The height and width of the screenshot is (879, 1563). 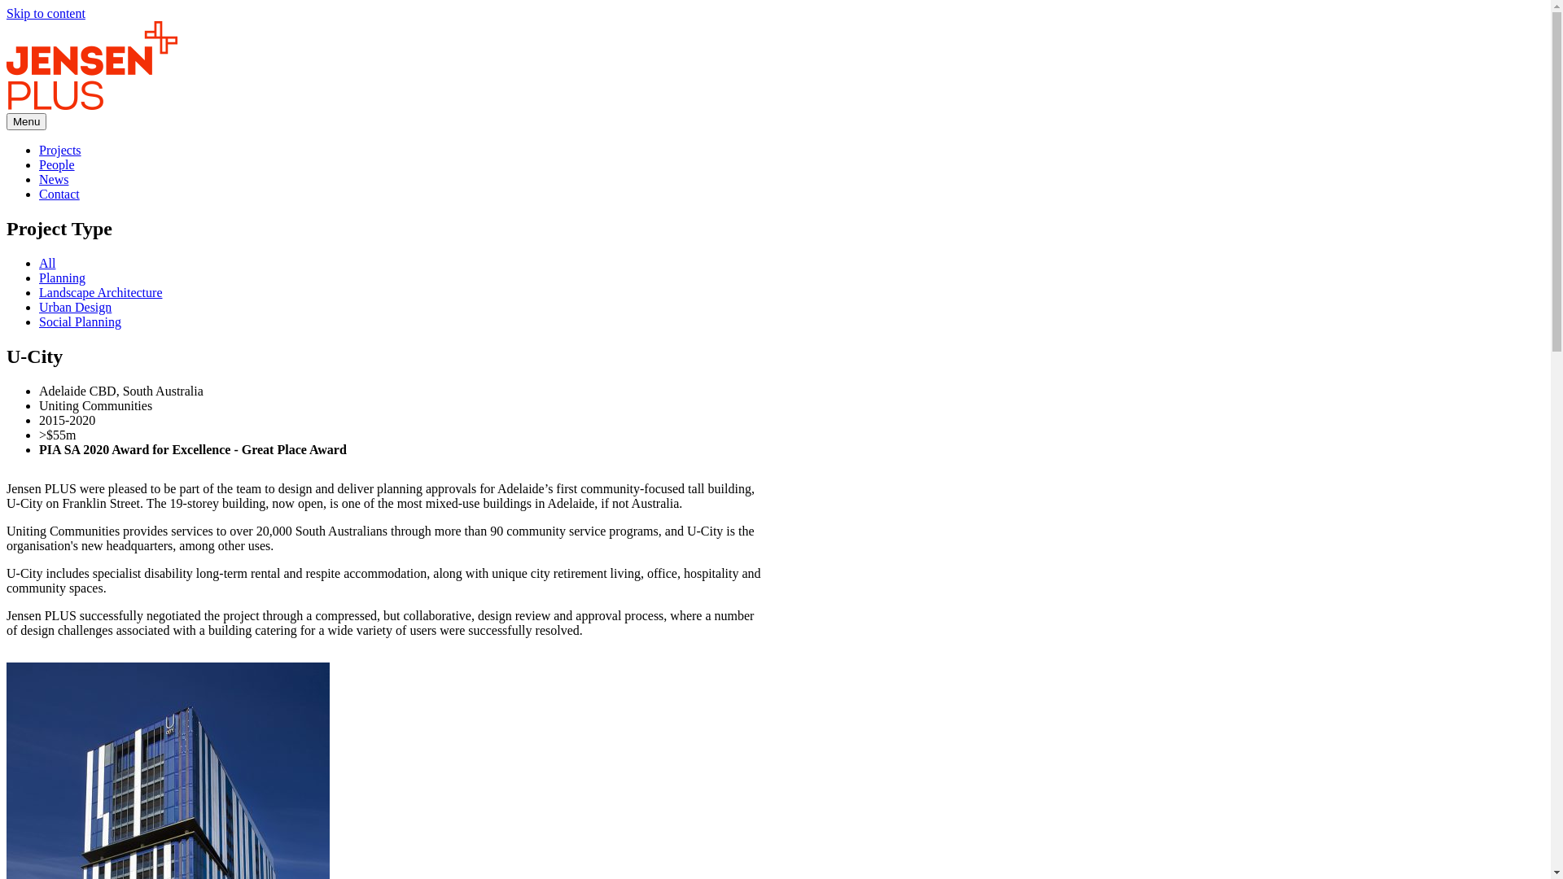 What do you see at coordinates (39, 262) in the screenshot?
I see `'All'` at bounding box center [39, 262].